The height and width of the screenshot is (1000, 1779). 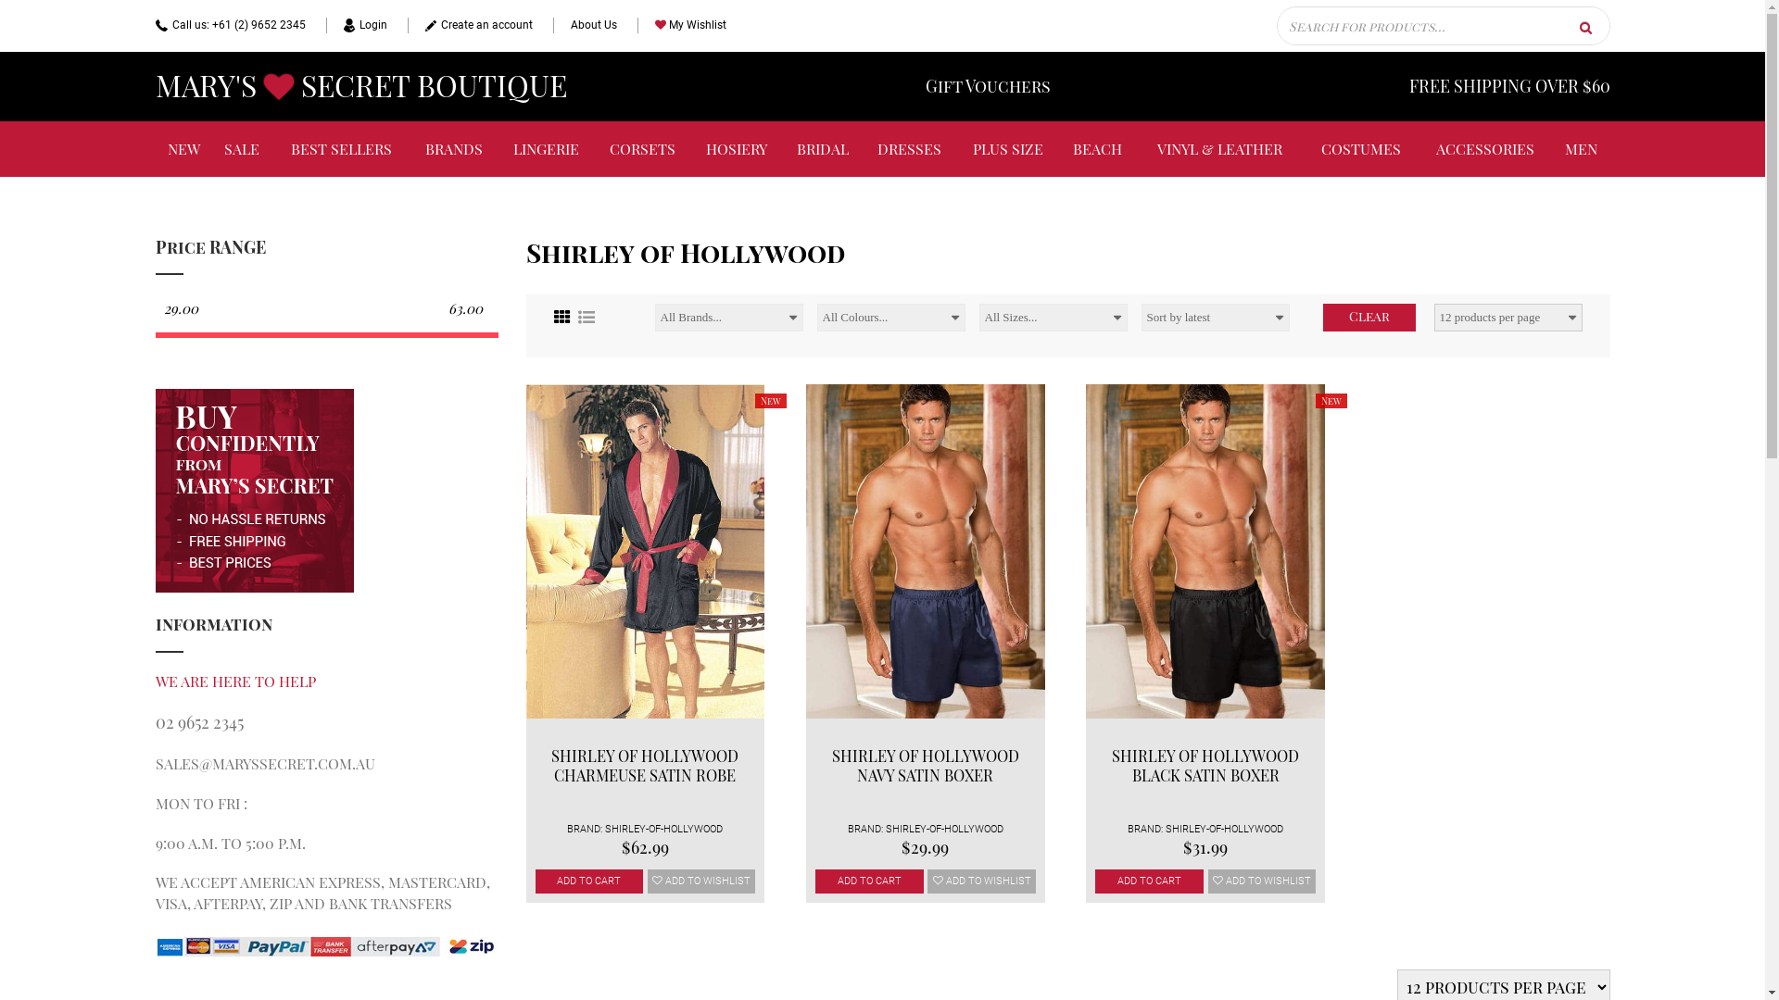 I want to click on 'SALES@MARYSSECRET.COM.AU', so click(x=156, y=763).